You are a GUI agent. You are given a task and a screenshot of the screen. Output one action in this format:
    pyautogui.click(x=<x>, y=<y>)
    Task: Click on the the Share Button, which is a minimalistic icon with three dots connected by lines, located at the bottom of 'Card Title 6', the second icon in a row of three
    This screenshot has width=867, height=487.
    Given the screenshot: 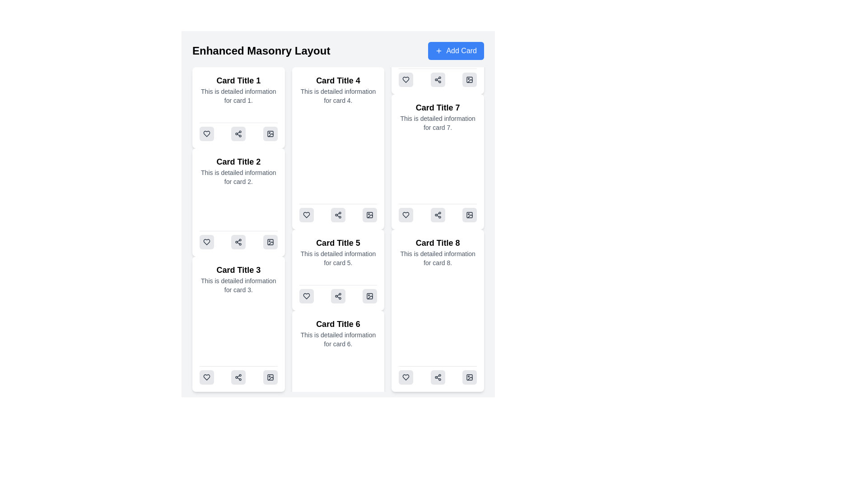 What is the action you would take?
    pyautogui.click(x=337, y=296)
    